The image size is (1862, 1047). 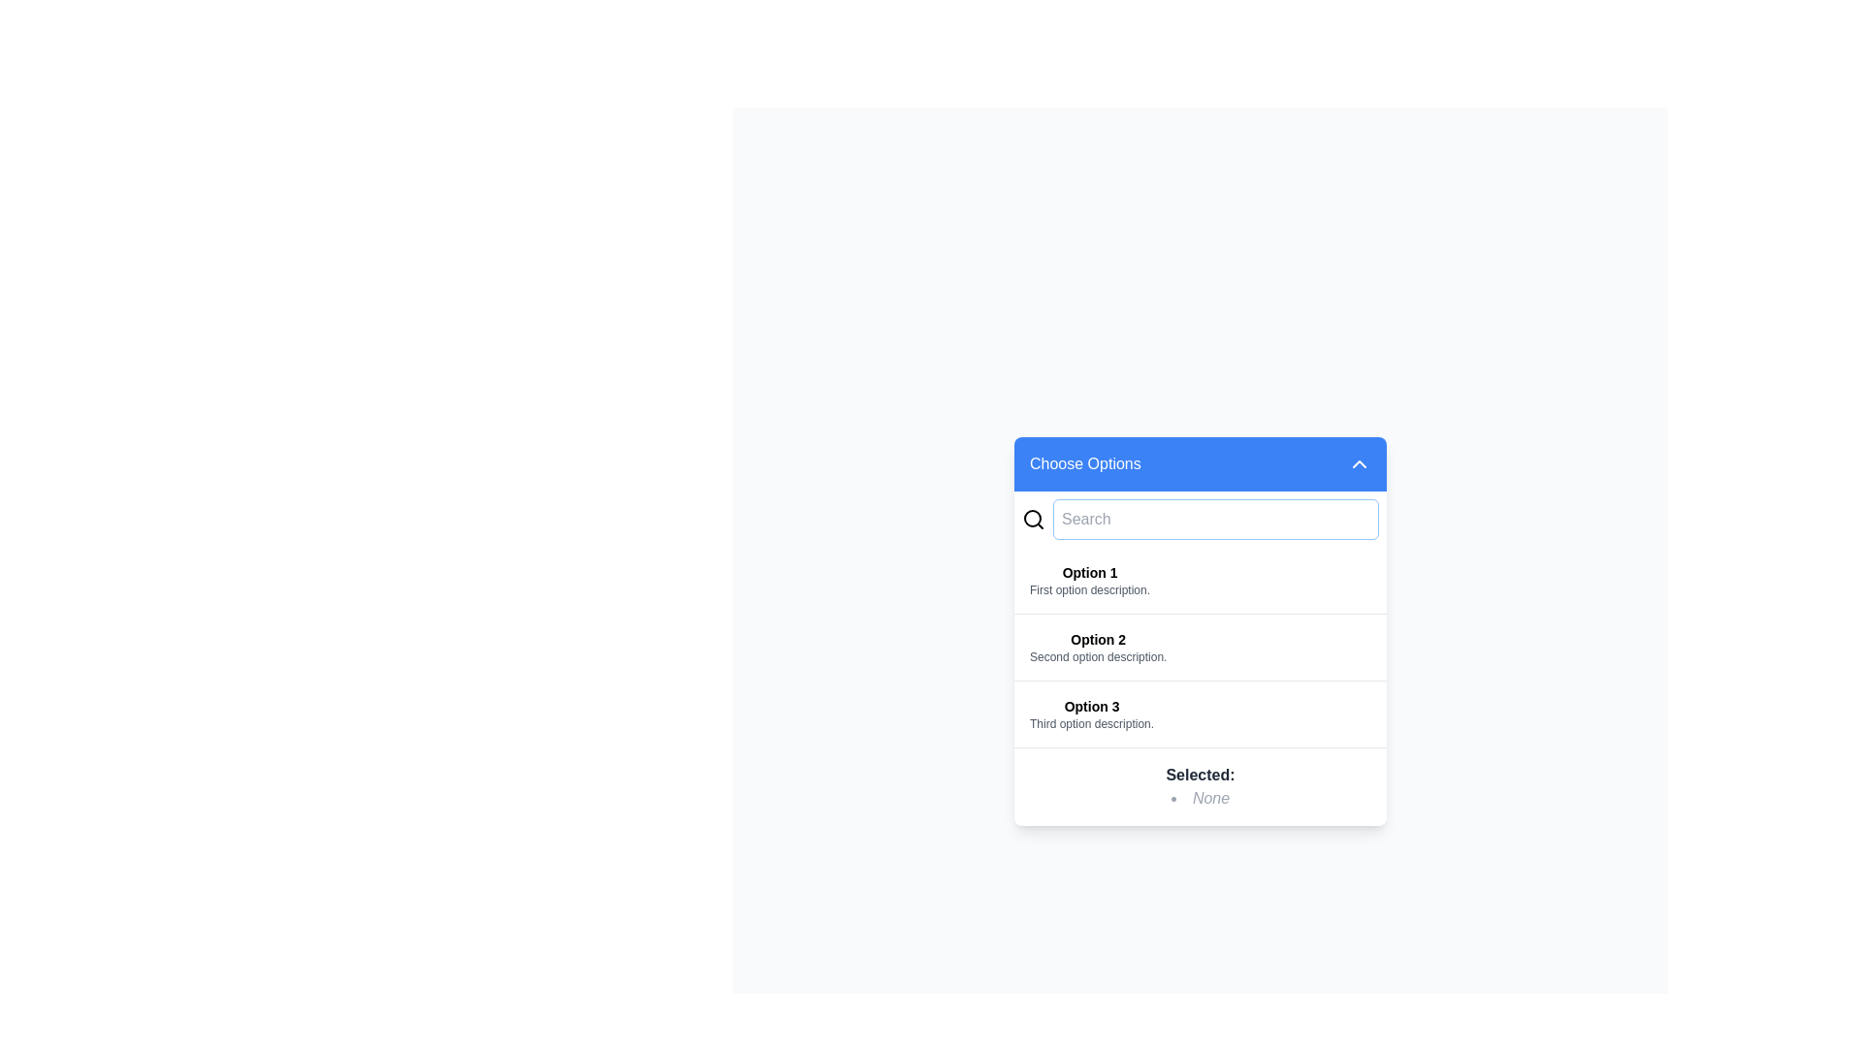 What do you see at coordinates (1358, 463) in the screenshot?
I see `the upward-pointing chevron icon displayed in white against a blue background located in the upper-right corner of the blue header bar in the 'Choose Options' modal window` at bounding box center [1358, 463].